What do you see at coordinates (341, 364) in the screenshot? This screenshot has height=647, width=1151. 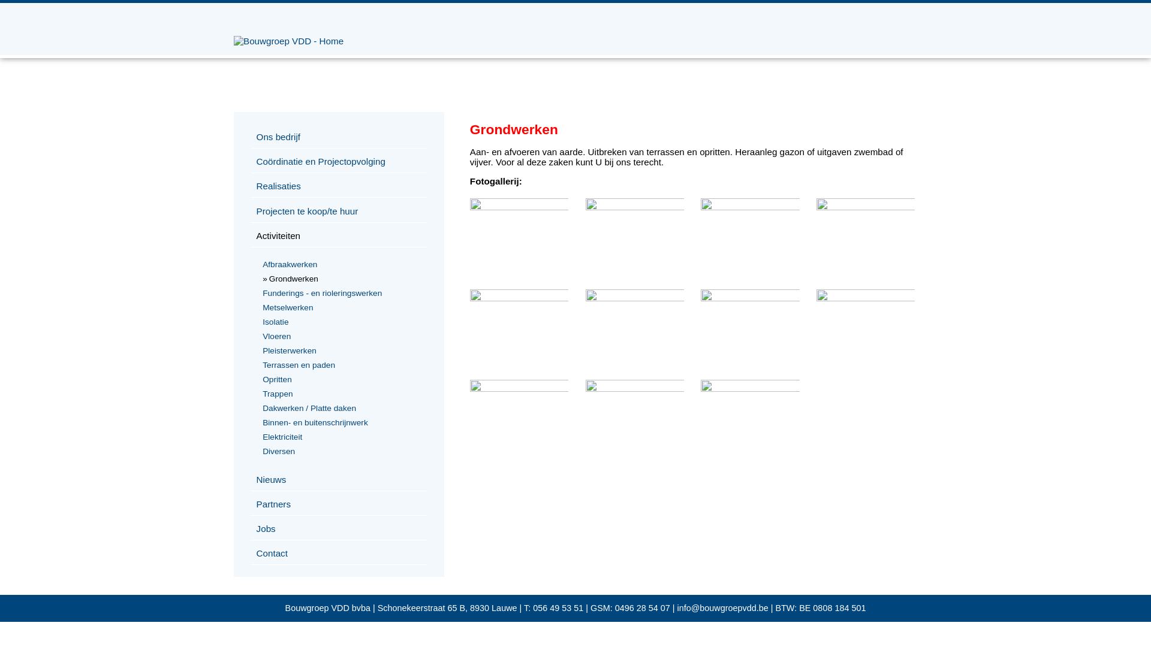 I see `'Terrassen en paden'` at bounding box center [341, 364].